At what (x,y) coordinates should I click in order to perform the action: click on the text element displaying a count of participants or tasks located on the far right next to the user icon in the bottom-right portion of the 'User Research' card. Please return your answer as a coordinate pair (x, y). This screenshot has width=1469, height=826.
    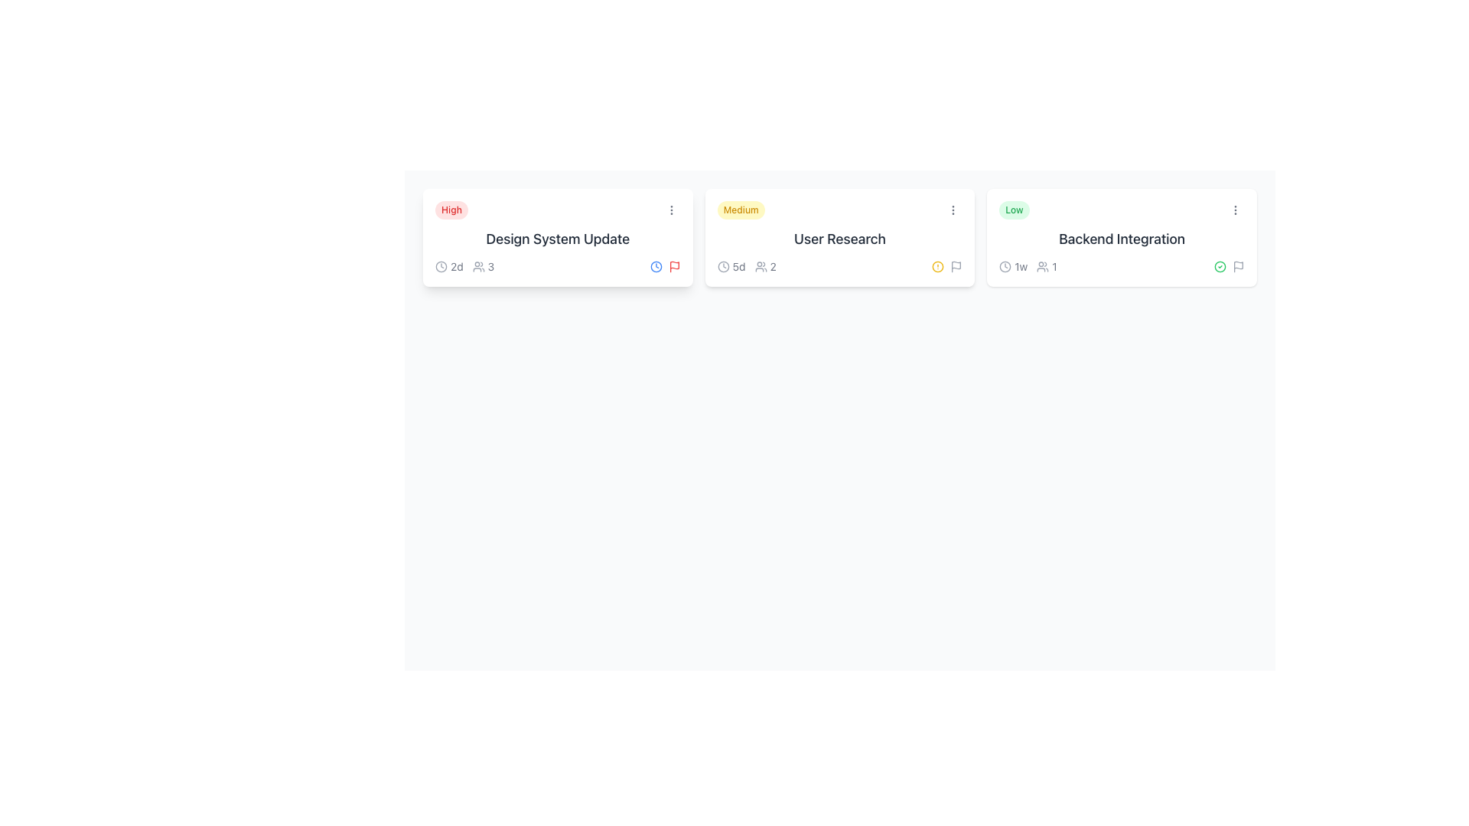
    Looking at the image, I should click on (773, 265).